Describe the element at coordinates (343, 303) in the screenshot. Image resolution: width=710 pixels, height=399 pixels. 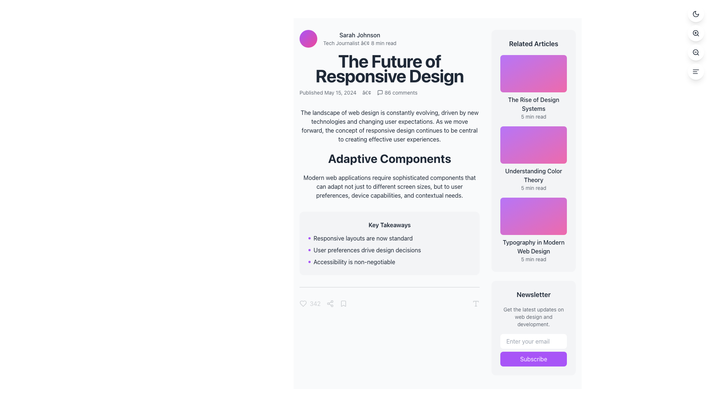
I see `the bookmark icon, which is the third icon` at that location.